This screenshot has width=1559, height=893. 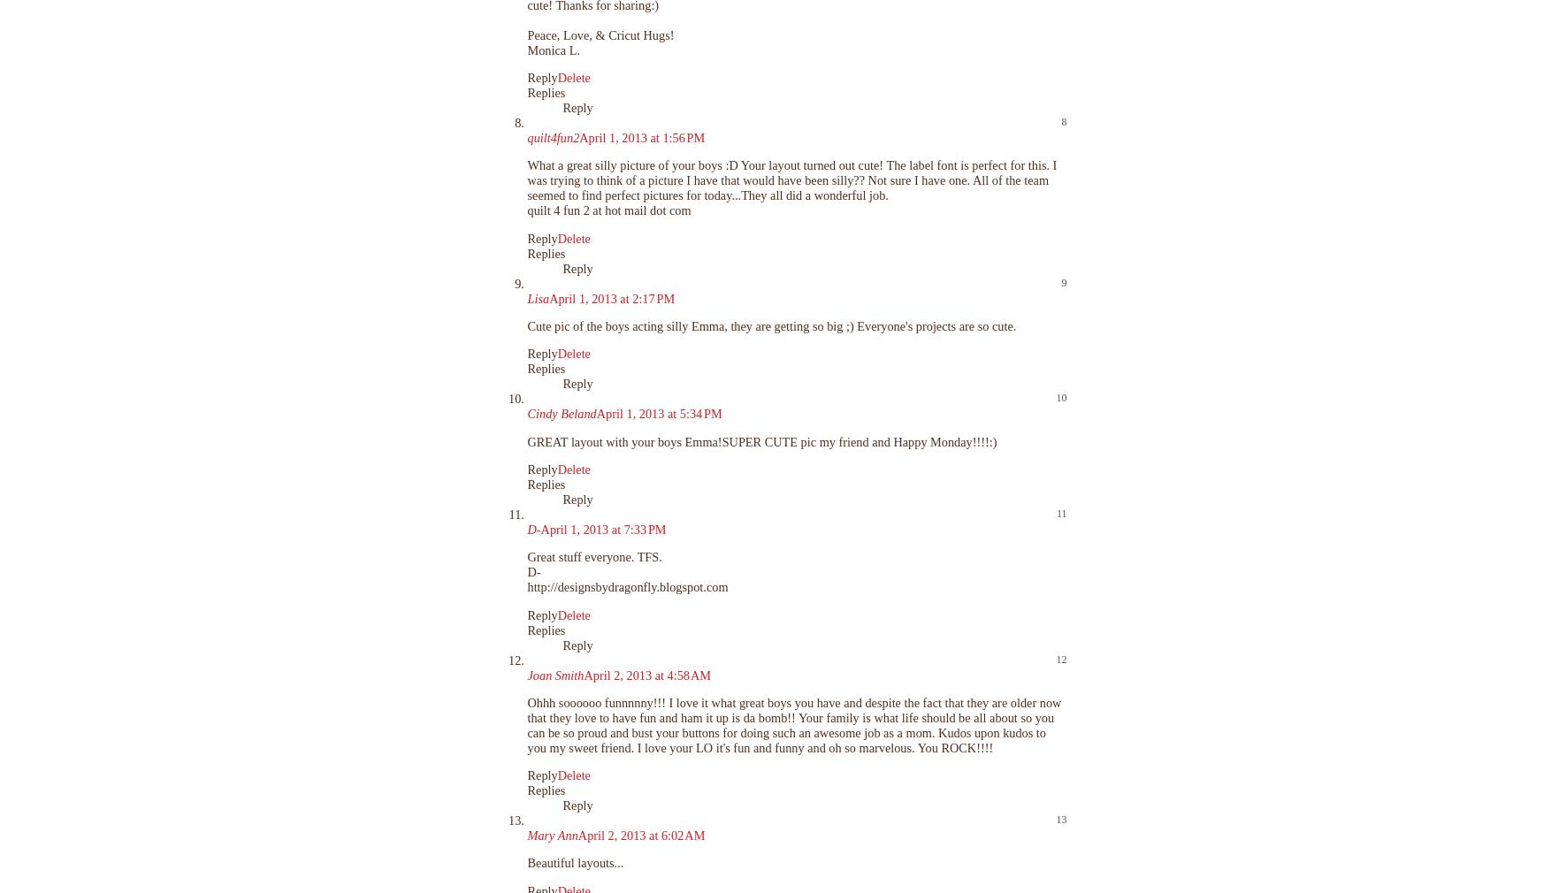 What do you see at coordinates (554, 48) in the screenshot?
I see `'Monica L.'` at bounding box center [554, 48].